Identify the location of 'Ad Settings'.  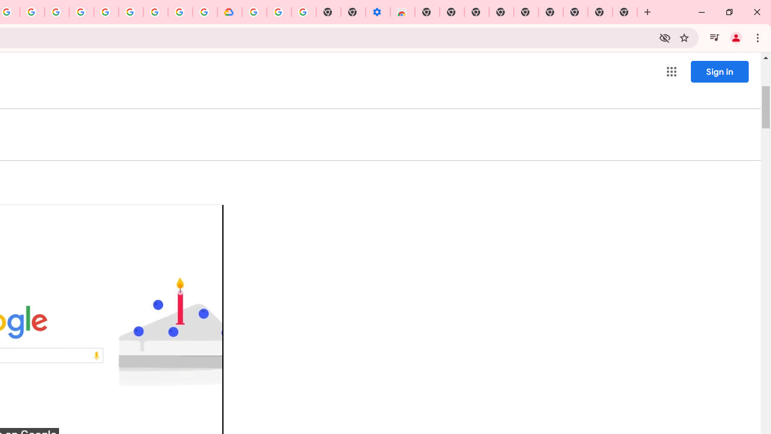
(81, 12).